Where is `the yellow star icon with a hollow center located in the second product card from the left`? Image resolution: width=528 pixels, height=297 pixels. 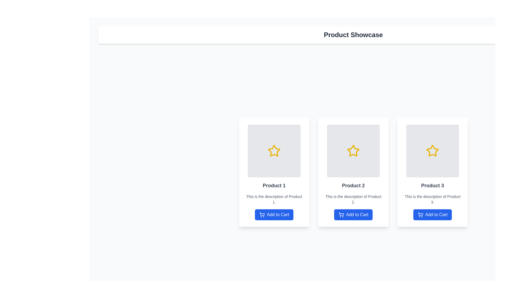 the yellow star icon with a hollow center located in the second product card from the left is located at coordinates (353, 151).